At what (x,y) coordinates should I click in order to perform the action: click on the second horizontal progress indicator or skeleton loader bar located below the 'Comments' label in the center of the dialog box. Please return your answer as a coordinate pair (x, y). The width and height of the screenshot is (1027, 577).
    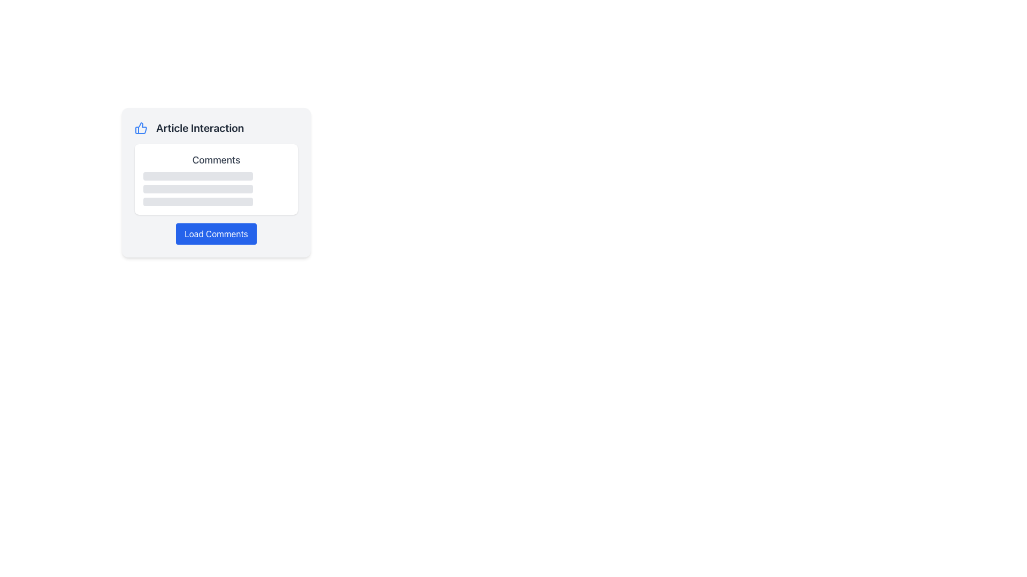
    Looking at the image, I should click on (198, 189).